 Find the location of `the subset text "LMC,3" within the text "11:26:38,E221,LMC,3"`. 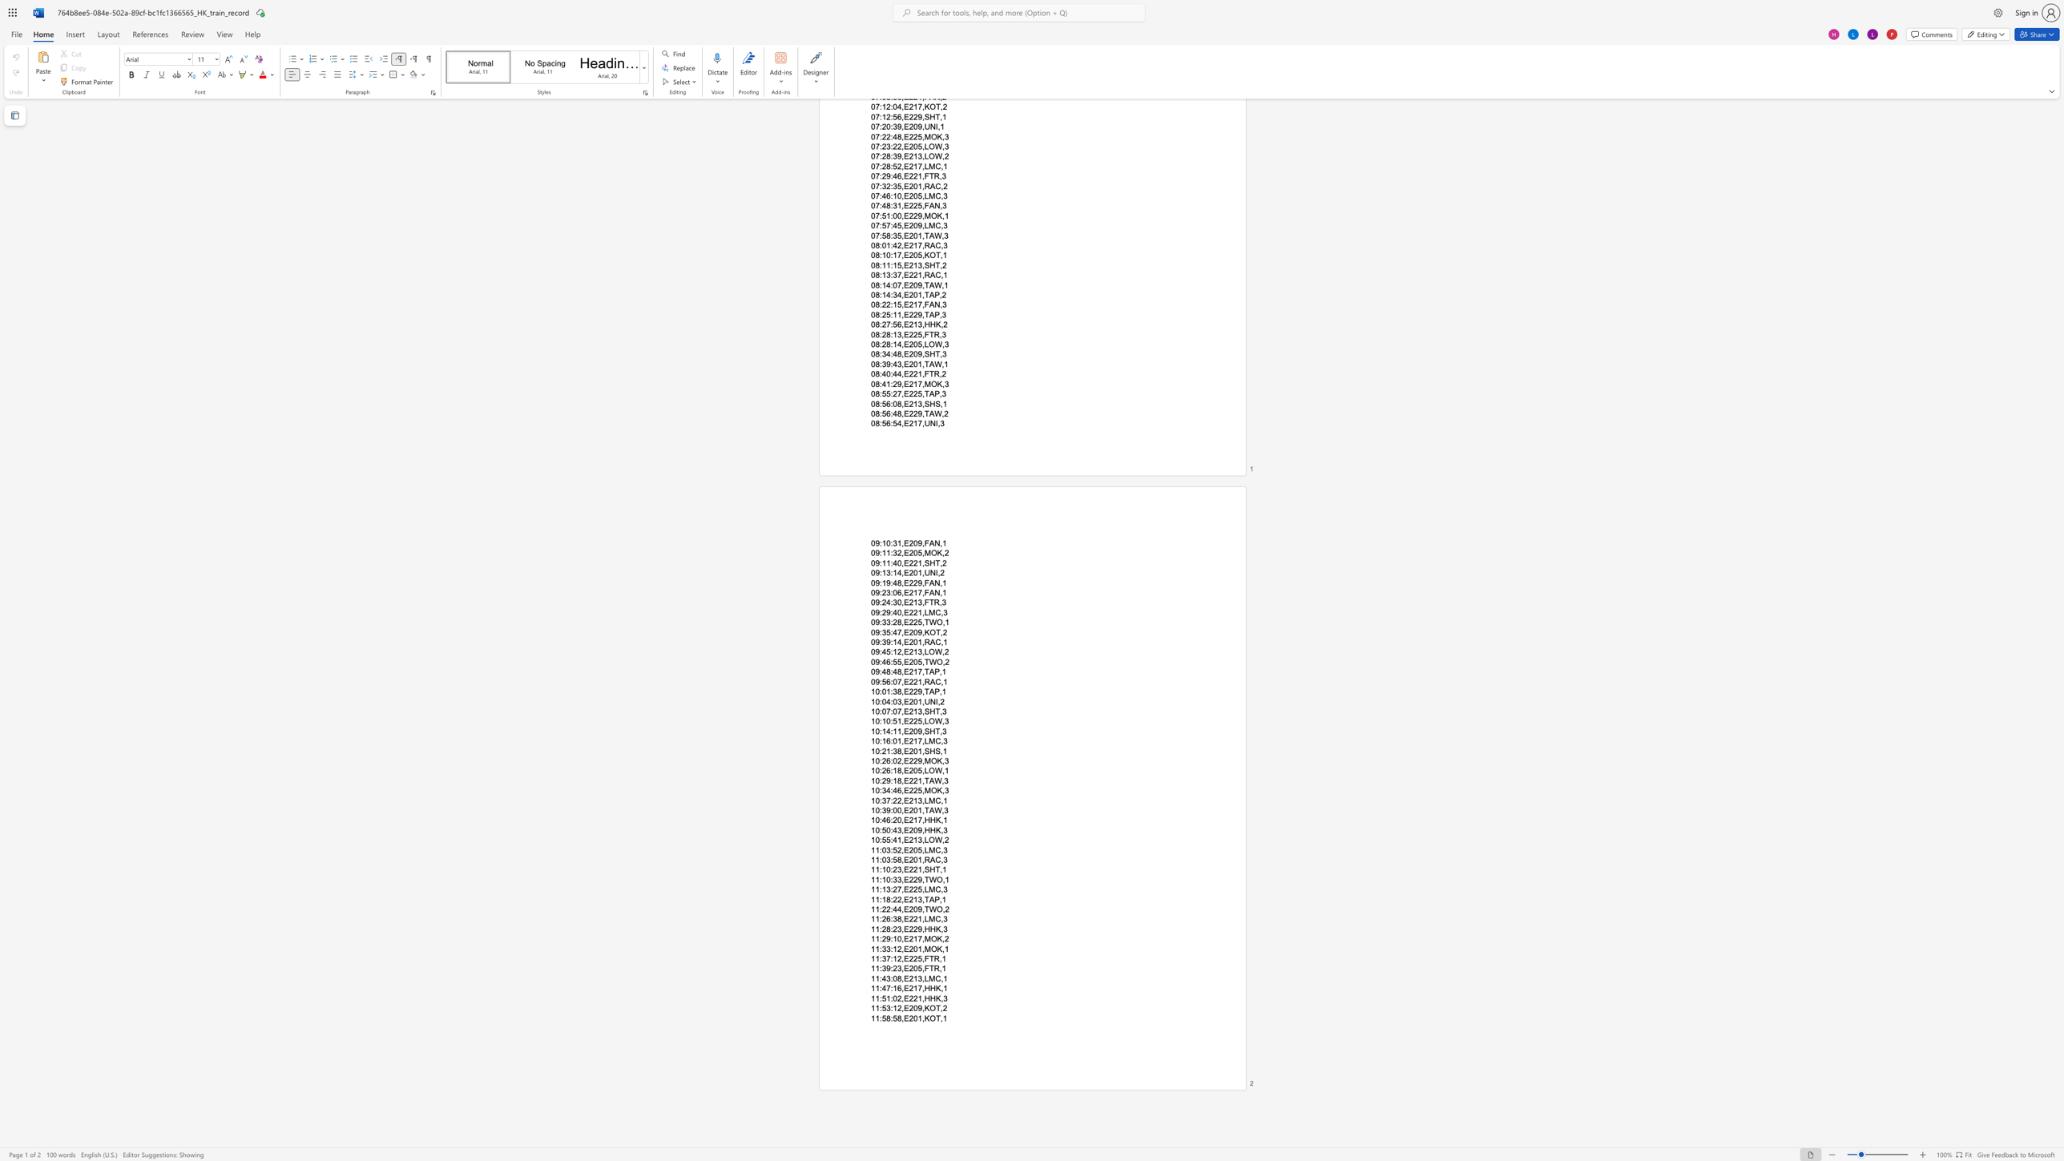

the subset text "LMC,3" within the text "11:26:38,E221,LMC,3" is located at coordinates (923, 918).